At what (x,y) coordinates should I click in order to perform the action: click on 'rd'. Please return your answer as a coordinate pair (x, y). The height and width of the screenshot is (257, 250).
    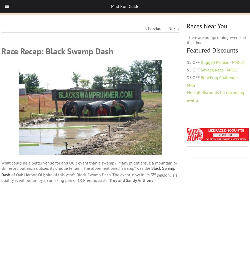
    Looking at the image, I should click on (153, 173).